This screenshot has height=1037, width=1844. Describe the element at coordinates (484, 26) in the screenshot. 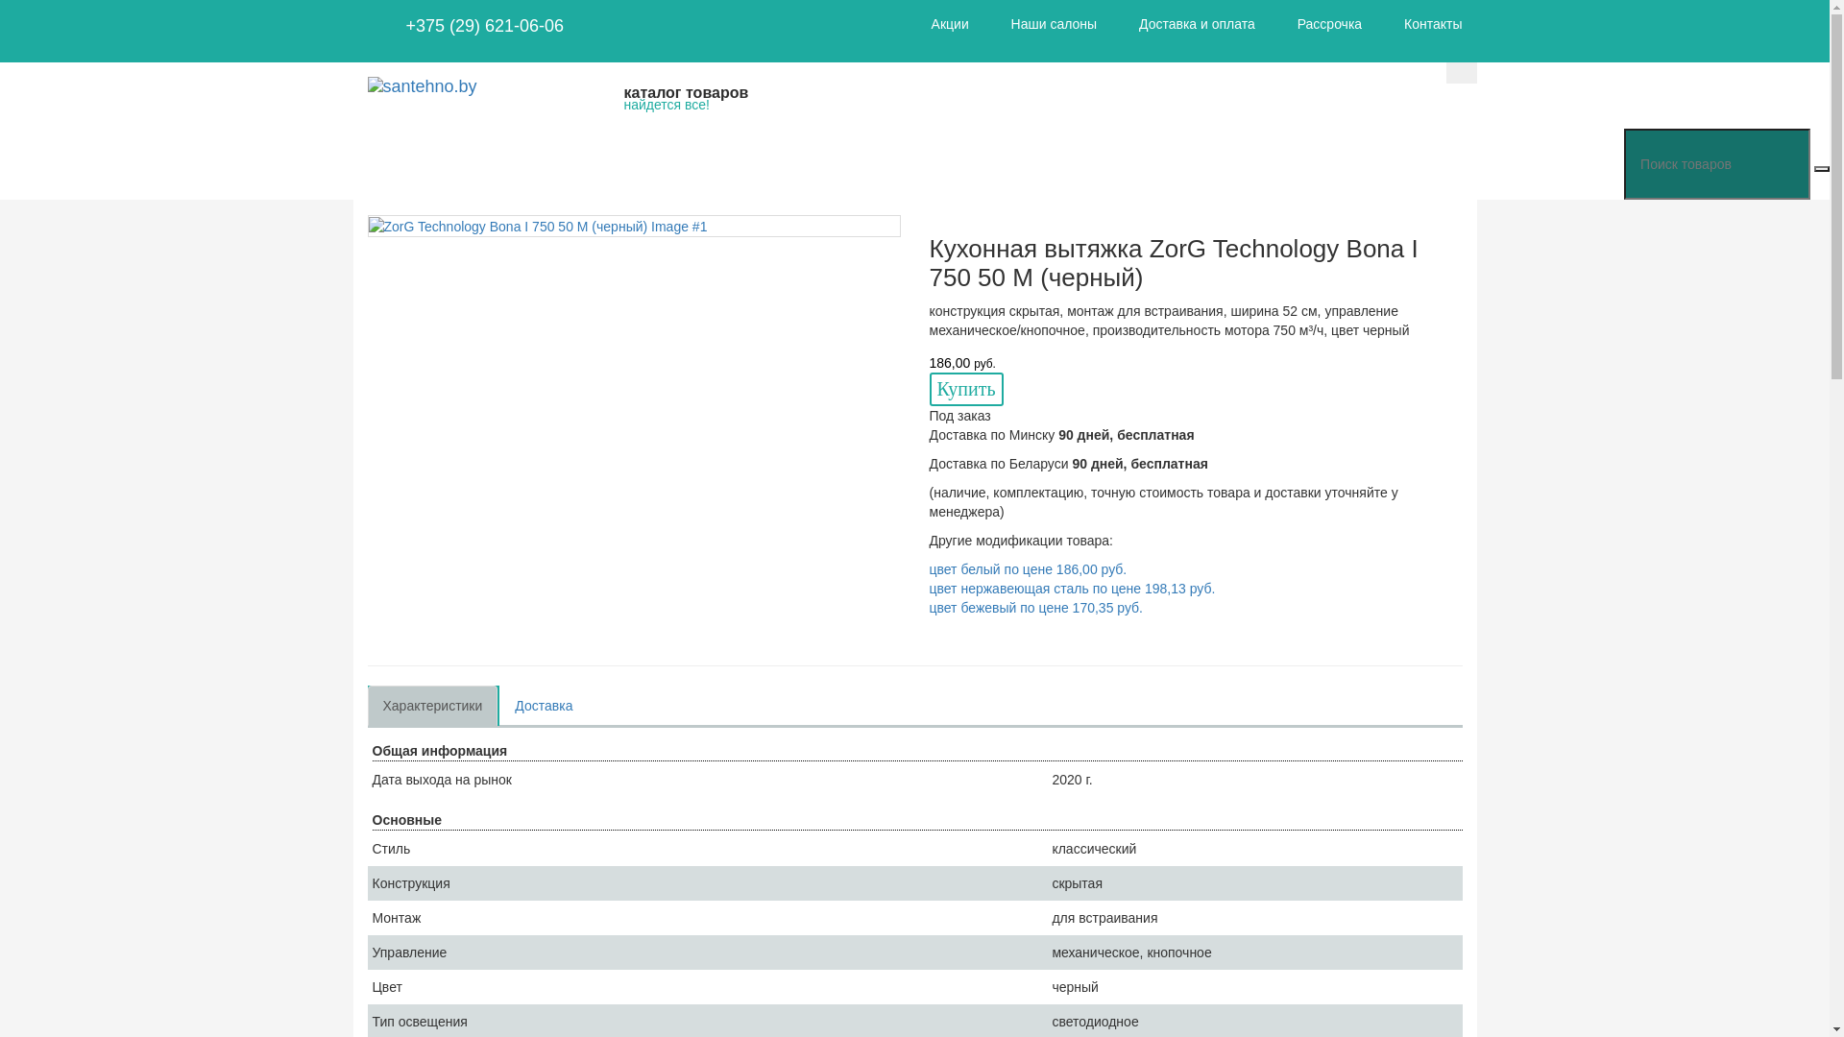

I see `'+375 (29) 621-06-06'` at that location.